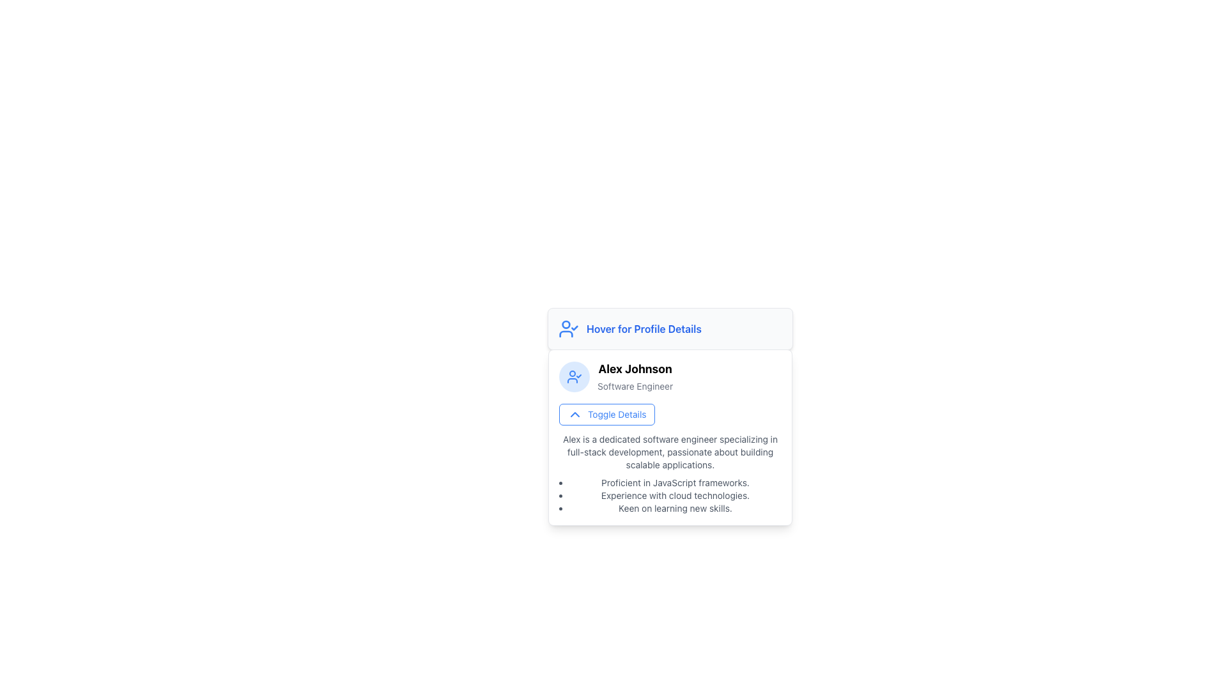  Describe the element at coordinates (566, 324) in the screenshot. I see `the central circular shape of the user-check styled icon indicating user information status` at that location.